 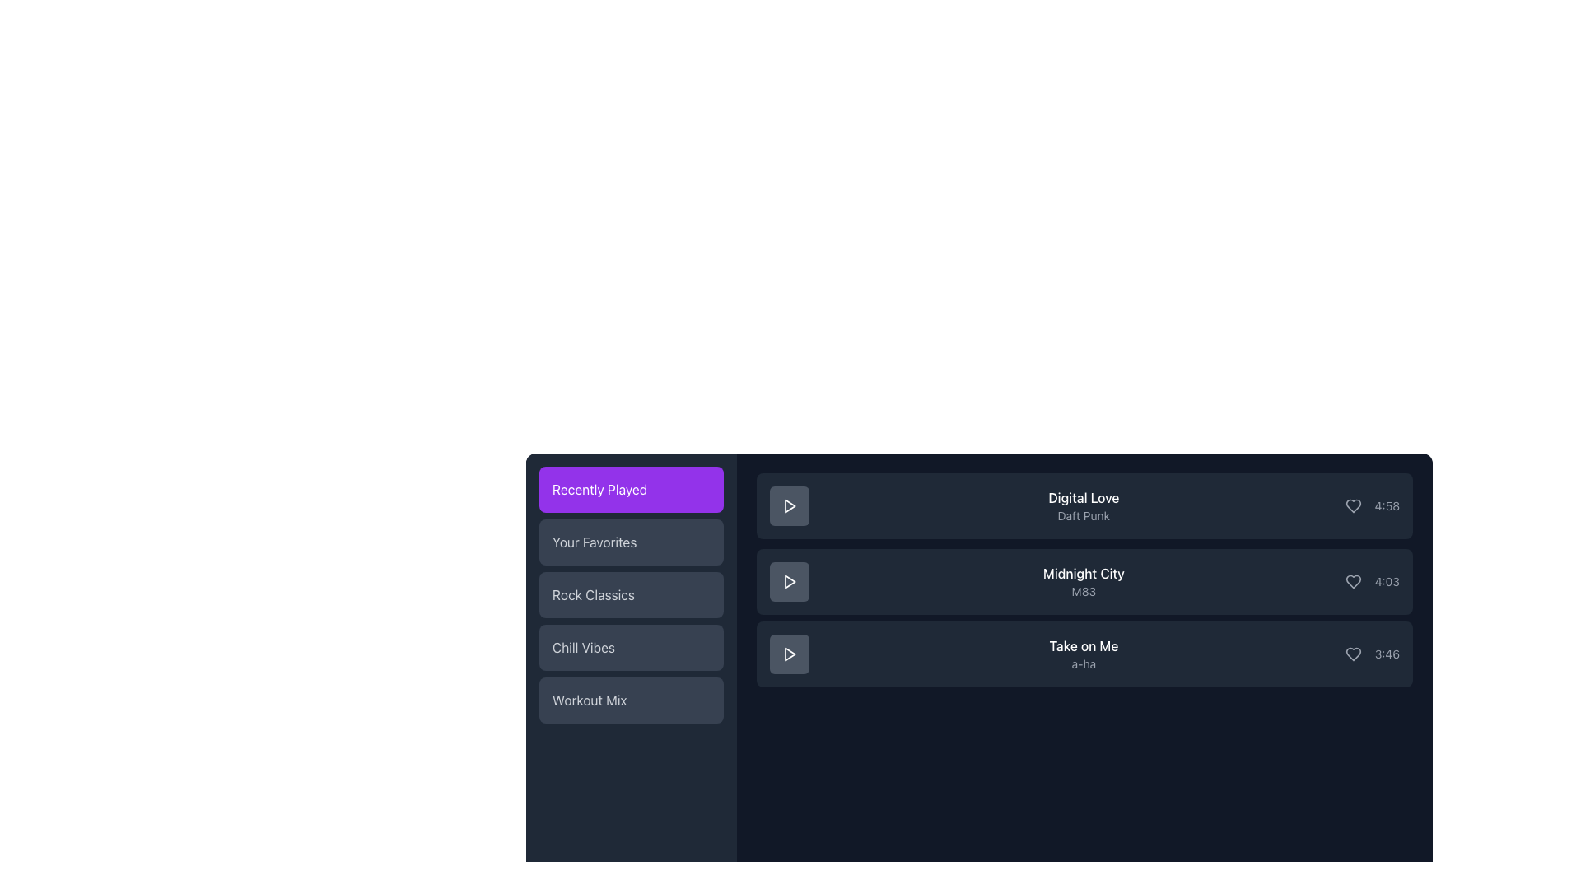 What do you see at coordinates (631, 646) in the screenshot?
I see `the 'Chill Vibes' button, which is the fourth item in a vertical list of buttons in the sidebar, located below 'Rock Classics' and above 'Workout Mix'` at bounding box center [631, 646].